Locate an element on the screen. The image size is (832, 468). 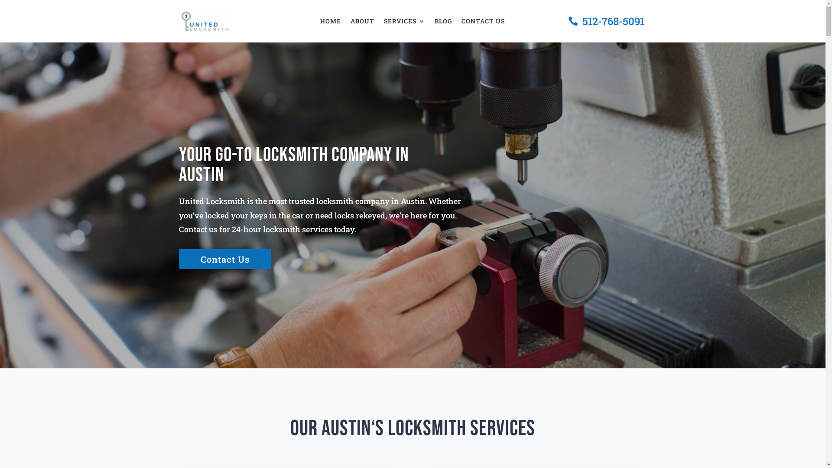
'ABOUT' is located at coordinates (362, 23).